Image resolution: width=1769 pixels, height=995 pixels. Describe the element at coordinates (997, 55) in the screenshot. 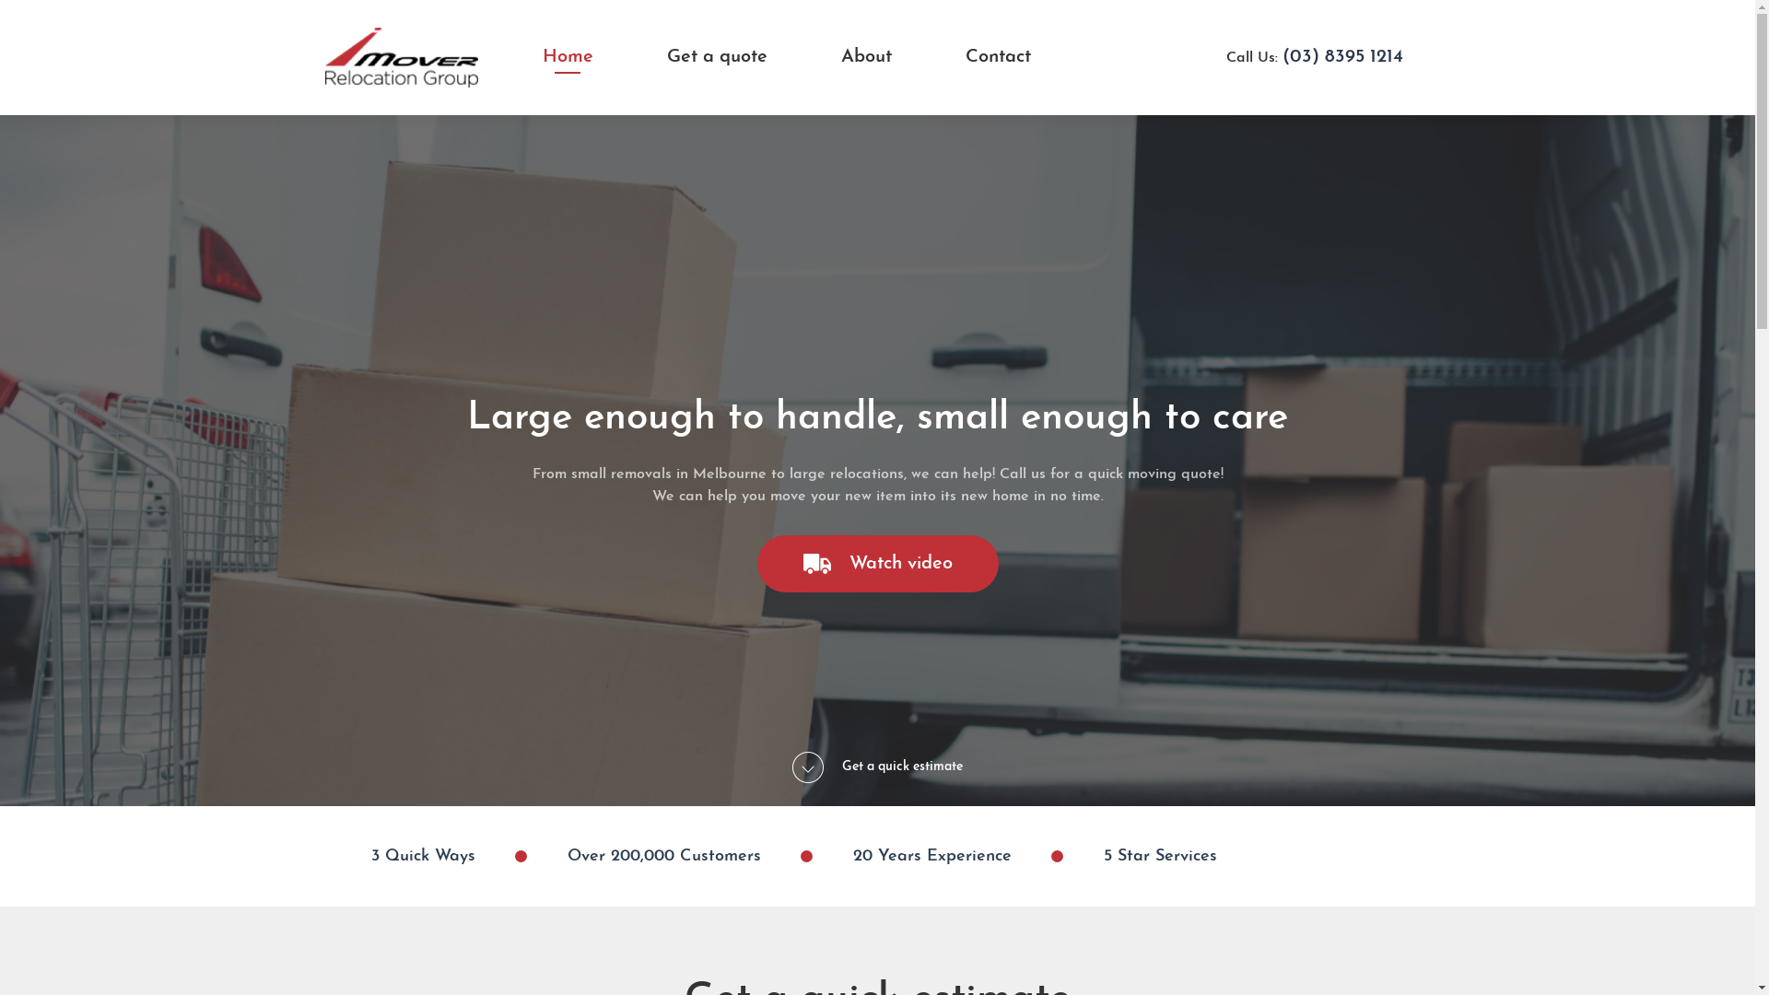

I see `'Contact'` at that location.